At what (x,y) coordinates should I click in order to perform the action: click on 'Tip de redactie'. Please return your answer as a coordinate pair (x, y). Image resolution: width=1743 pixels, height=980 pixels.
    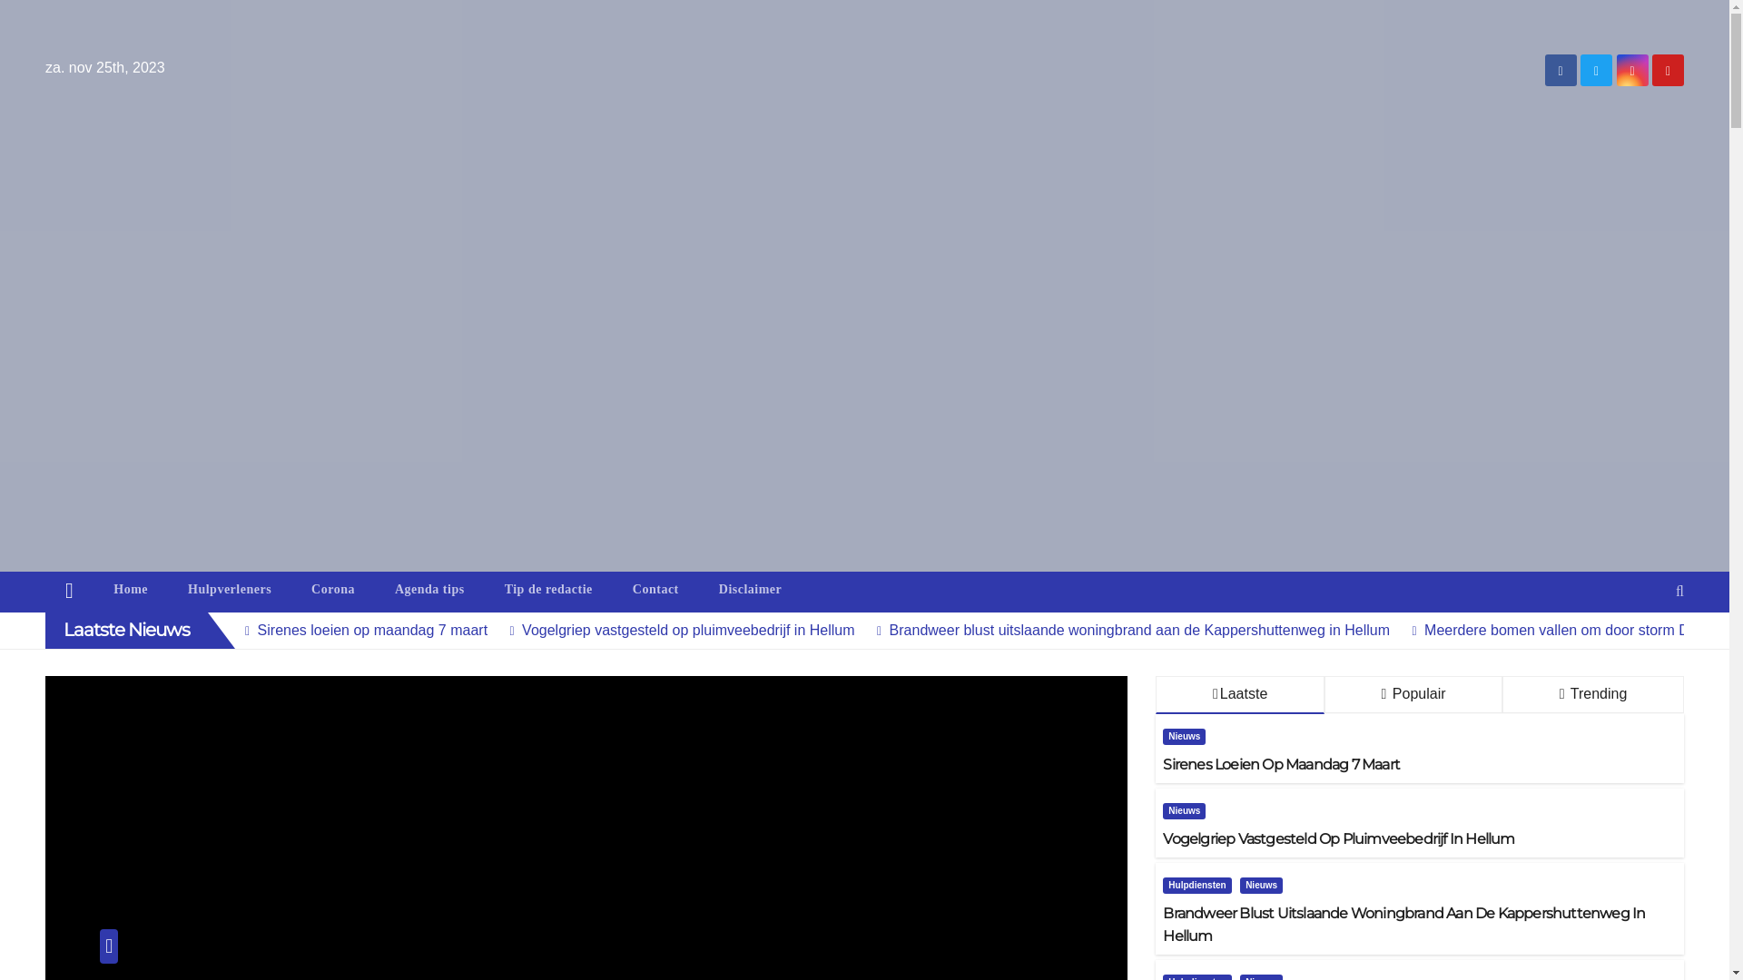
    Looking at the image, I should click on (547, 590).